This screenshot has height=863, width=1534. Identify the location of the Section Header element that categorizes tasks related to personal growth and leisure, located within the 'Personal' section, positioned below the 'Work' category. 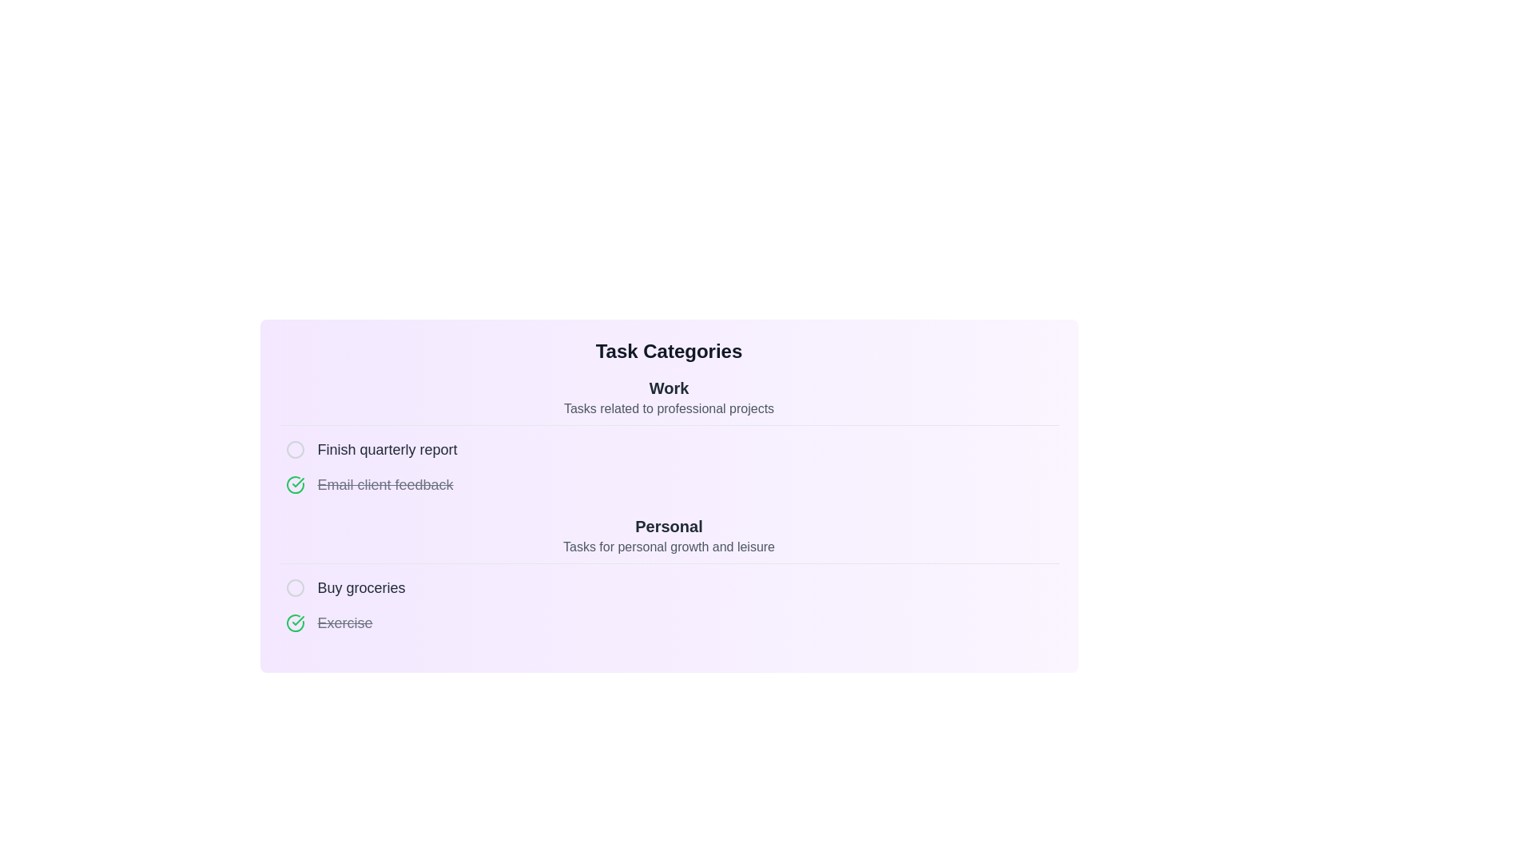
(669, 539).